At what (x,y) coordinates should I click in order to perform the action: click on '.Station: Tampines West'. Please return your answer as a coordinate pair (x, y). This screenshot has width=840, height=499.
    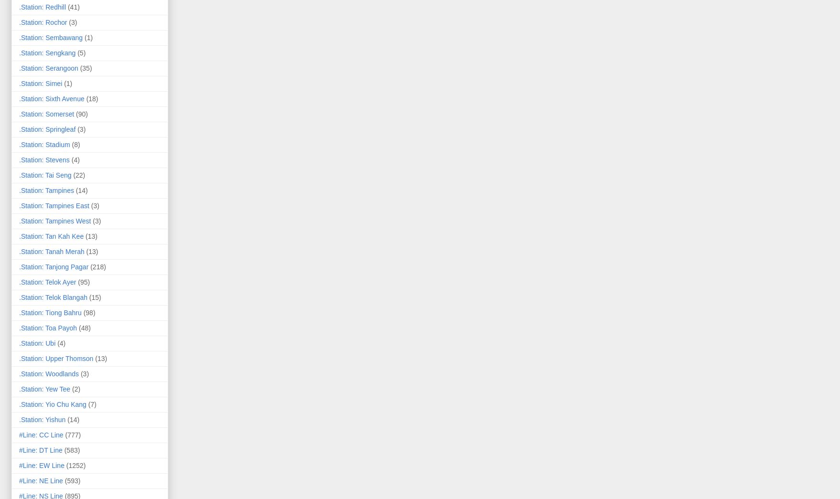
    Looking at the image, I should click on (54, 220).